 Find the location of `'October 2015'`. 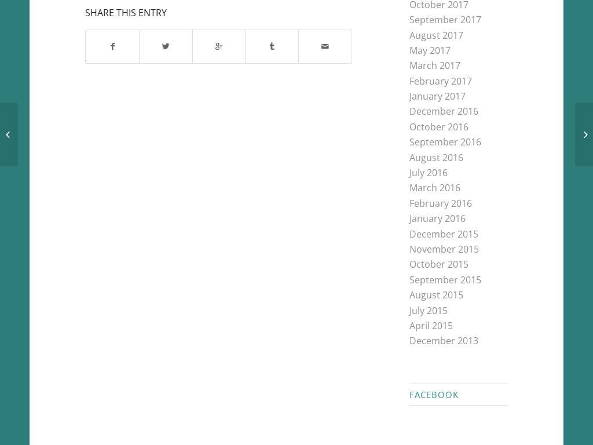

'October 2015' is located at coordinates (438, 264).